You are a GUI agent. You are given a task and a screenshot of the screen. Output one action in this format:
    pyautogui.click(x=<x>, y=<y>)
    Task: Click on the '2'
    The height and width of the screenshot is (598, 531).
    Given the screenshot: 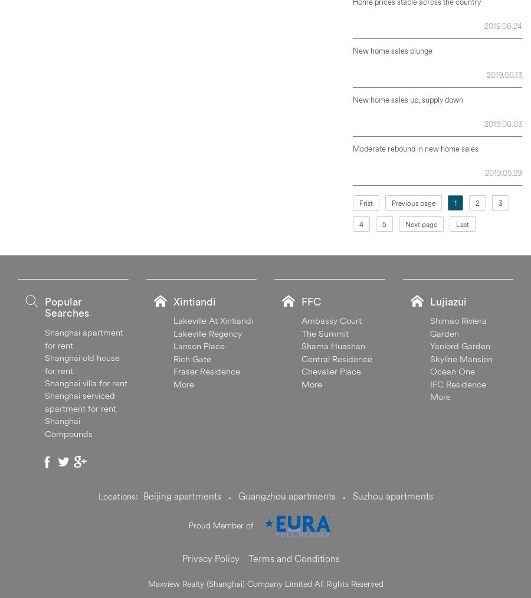 What is the action you would take?
    pyautogui.click(x=477, y=202)
    